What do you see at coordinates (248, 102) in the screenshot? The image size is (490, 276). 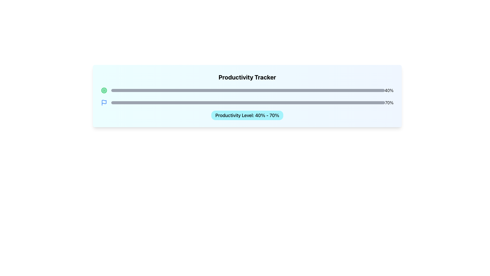 I see `the current range value of the progress bar located beneath the percentage label and above the productivity levels indicator` at bounding box center [248, 102].